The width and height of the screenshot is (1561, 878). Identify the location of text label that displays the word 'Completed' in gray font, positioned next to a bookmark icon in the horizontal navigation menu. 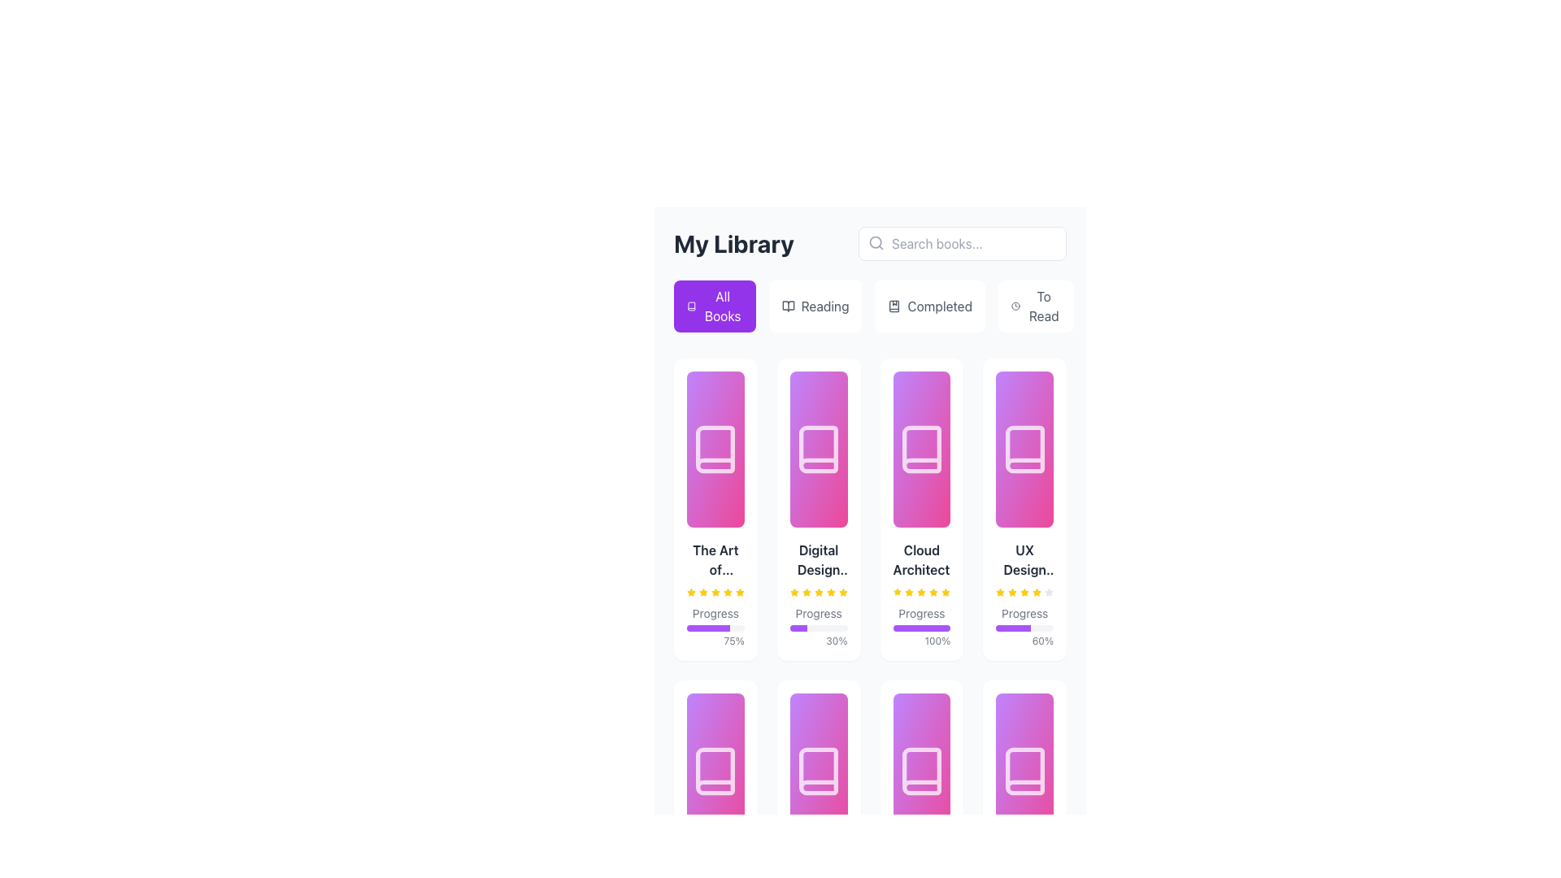
(940, 306).